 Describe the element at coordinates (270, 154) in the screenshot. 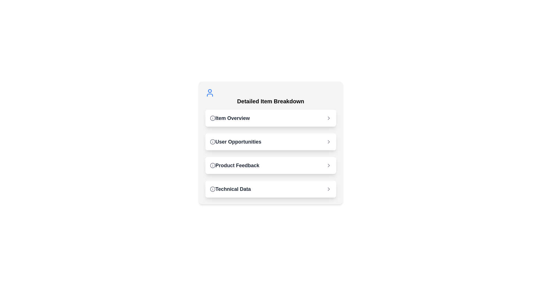

I see `the second list item in the vertical menu labeled 'Detailed Item Breakdown'` at that location.